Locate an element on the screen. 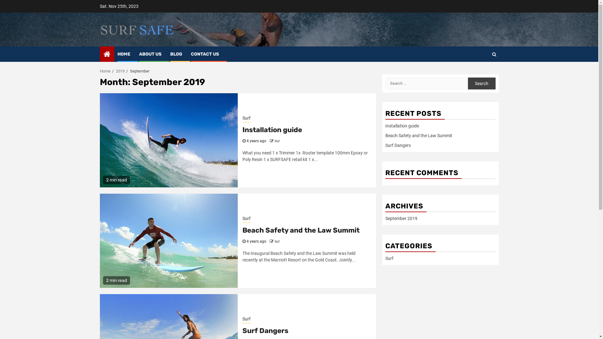 Image resolution: width=603 pixels, height=339 pixels. 'sur' is located at coordinates (277, 241).